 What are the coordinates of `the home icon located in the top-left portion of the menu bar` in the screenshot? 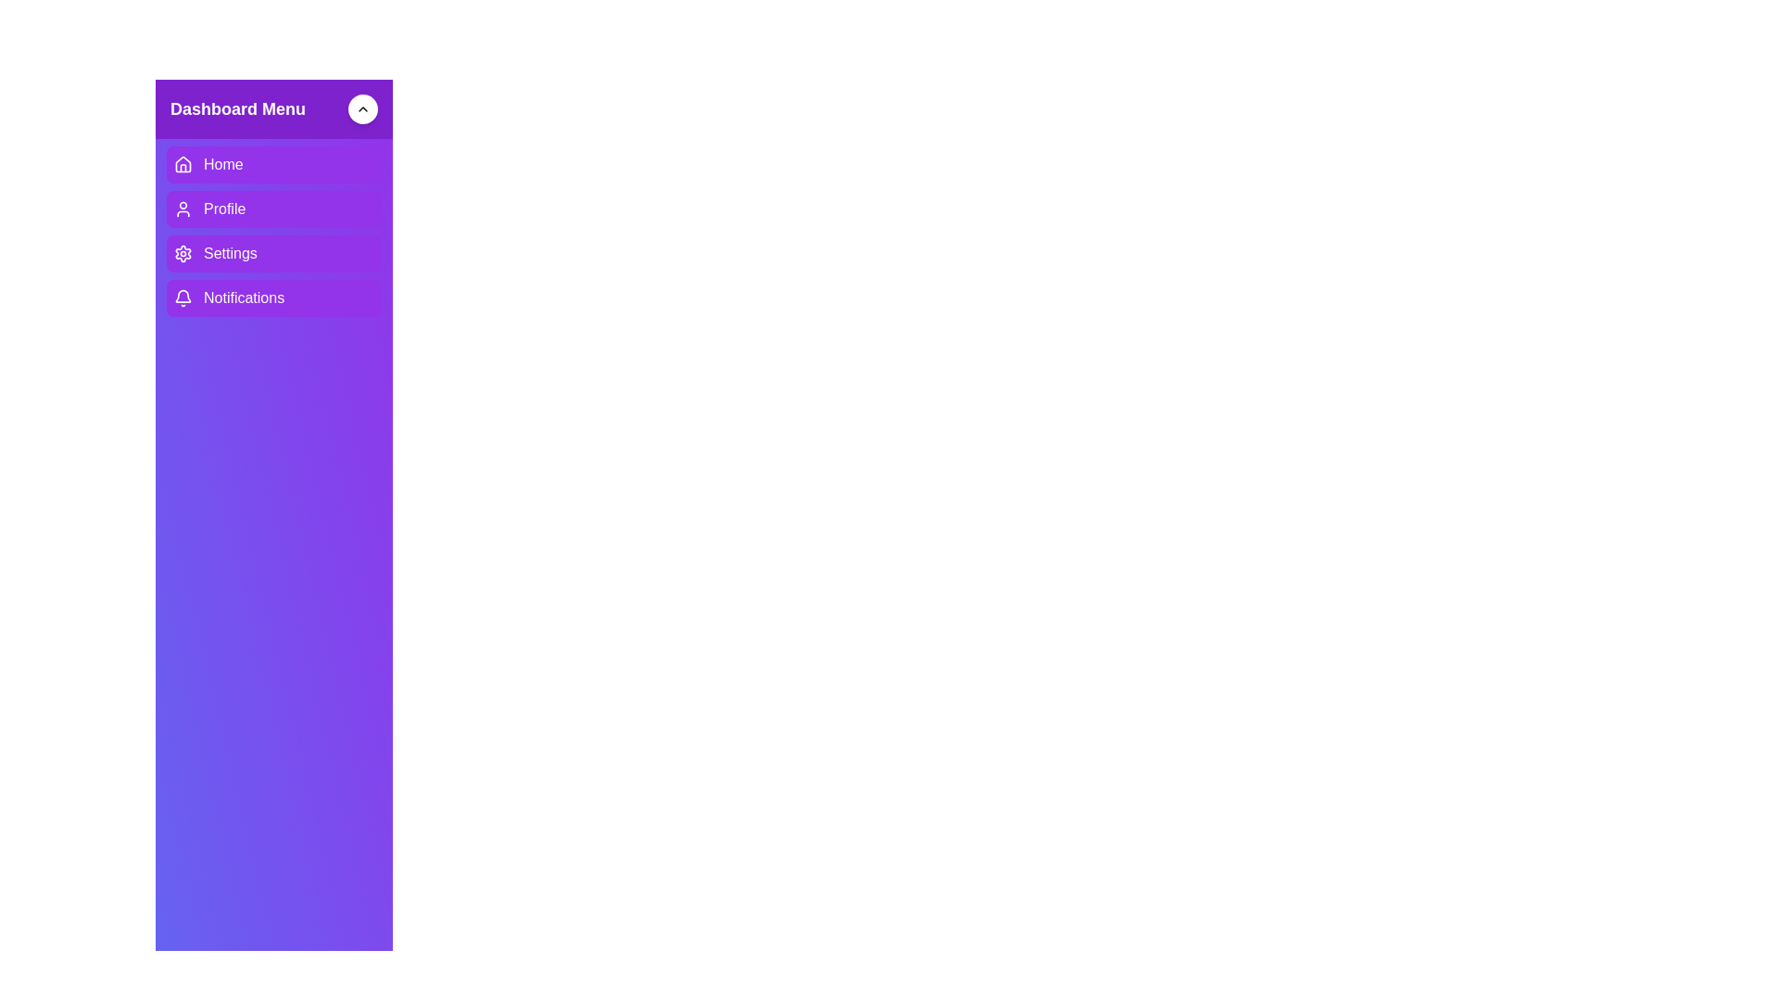 It's located at (183, 163).